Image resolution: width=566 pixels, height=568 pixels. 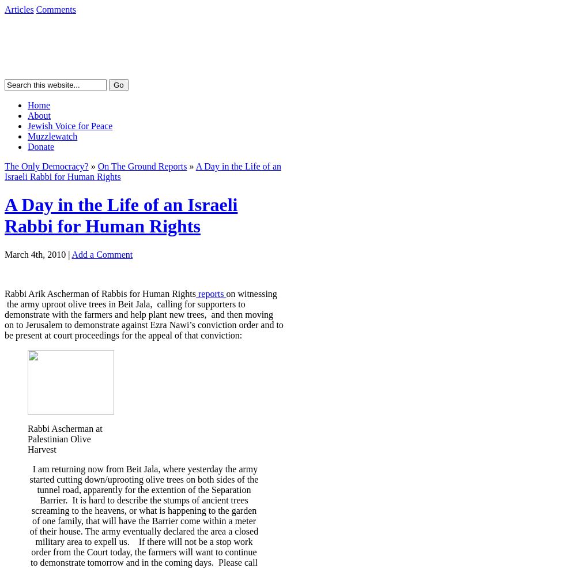 I want to click on 'on witnessing  the army uproot olive trees in Beit Jala,  calling for supporters to demonstrate with the farmers and help plant new trees,  and then moving on to Jerusalem to demonstrate against Ezra Nawi’s conviction order and to be present at court proceedings for the appeal of that conviction:', so click(x=144, y=314).